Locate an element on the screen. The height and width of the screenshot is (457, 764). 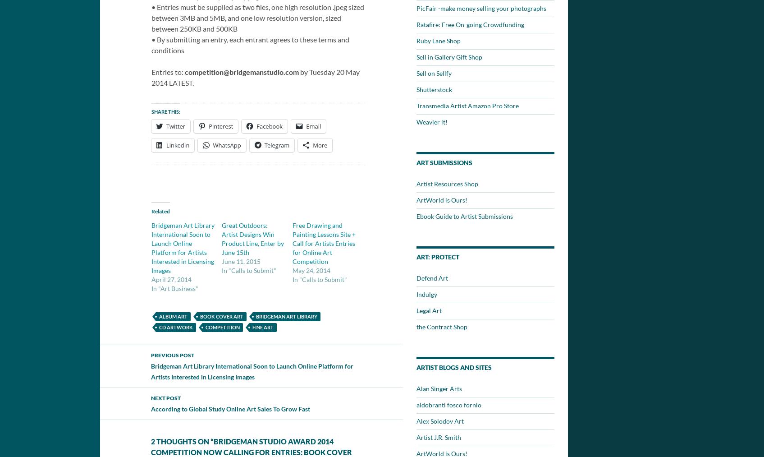
'PicFair -make money selling your photographs' is located at coordinates (481, 8).